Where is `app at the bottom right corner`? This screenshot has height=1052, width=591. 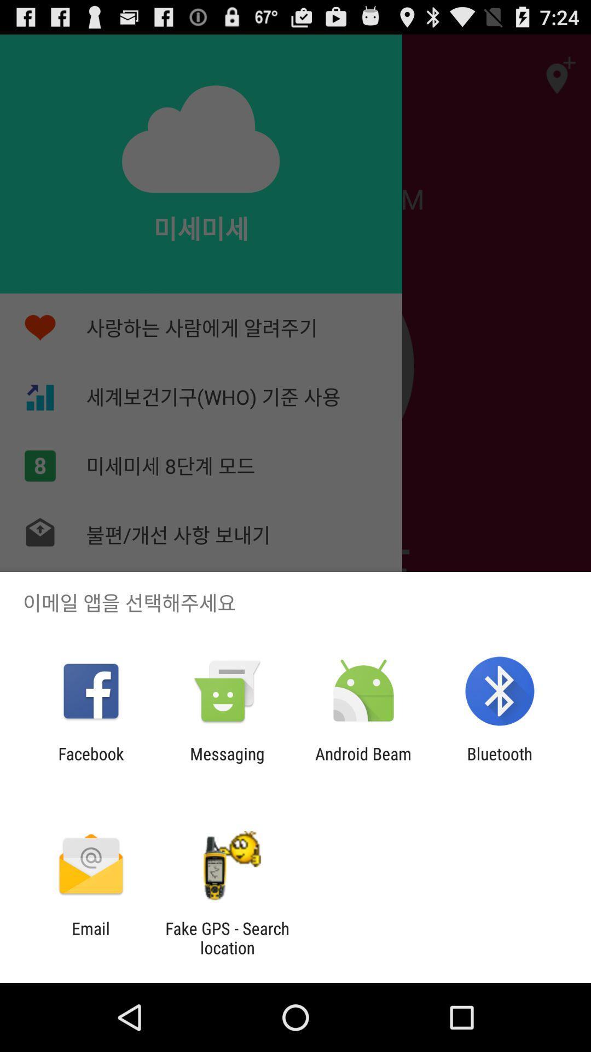 app at the bottom right corner is located at coordinates (500, 763).